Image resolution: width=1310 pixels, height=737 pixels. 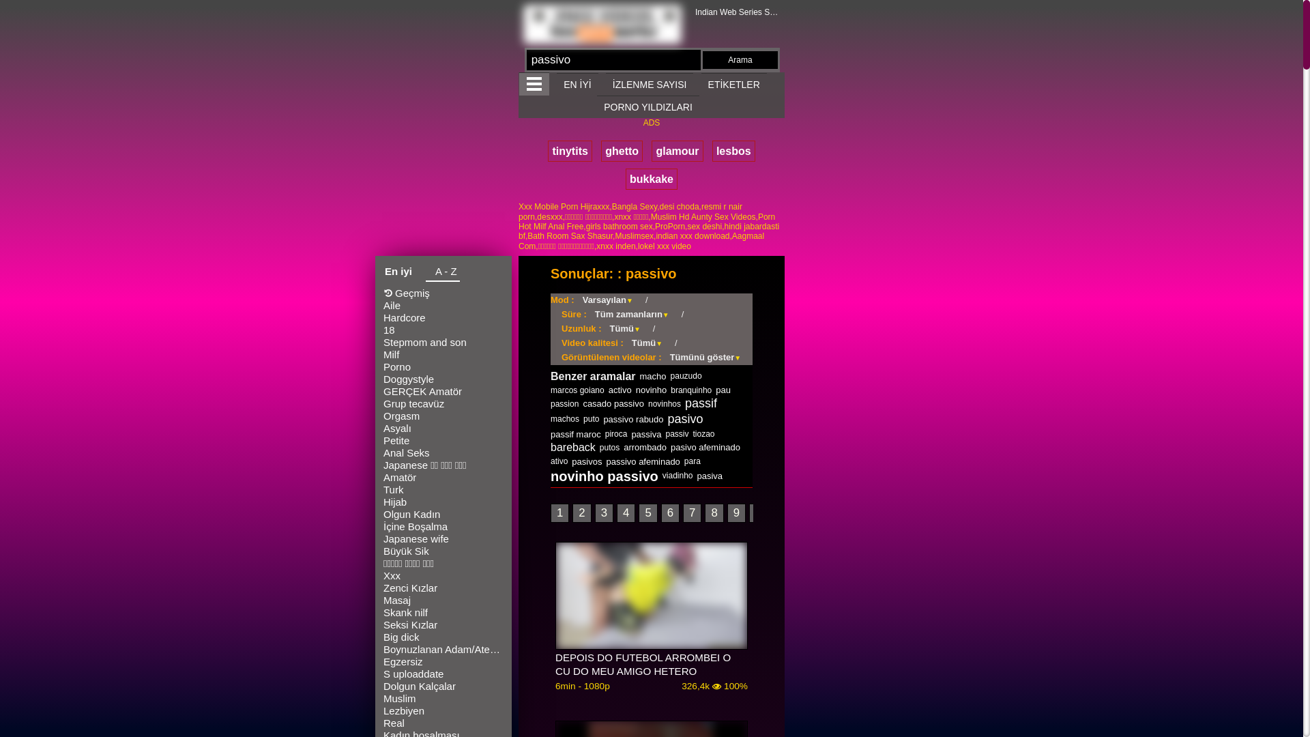 What do you see at coordinates (604, 476) in the screenshot?
I see `'novinho passivo'` at bounding box center [604, 476].